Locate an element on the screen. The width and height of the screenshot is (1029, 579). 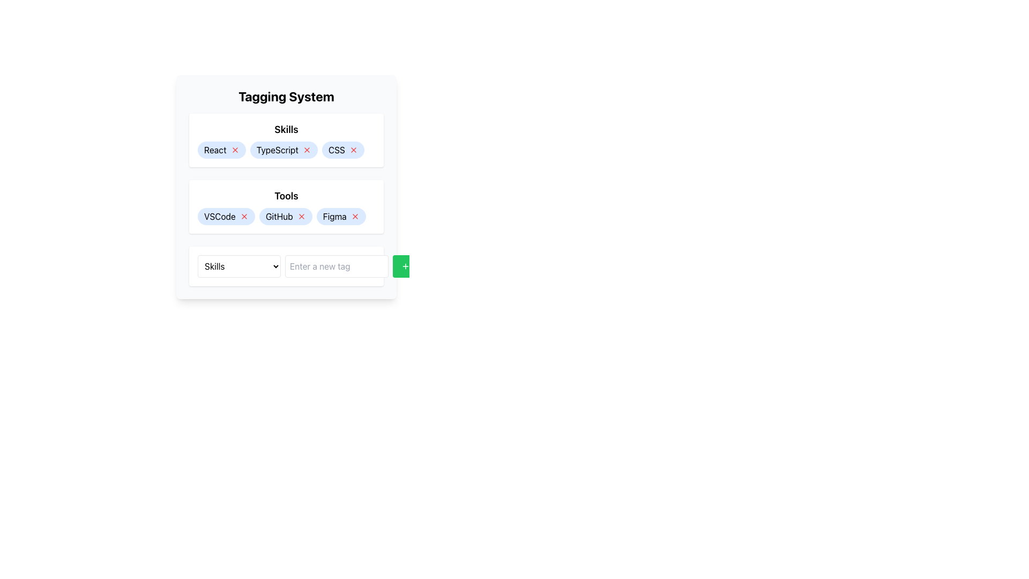
the green button with a white plus sign located at the far right side of the row in the 'Tagging System' interface is located at coordinates (405, 266).